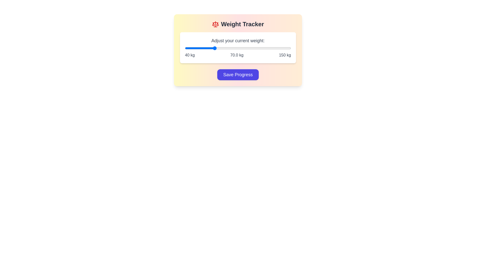  I want to click on the weight slider to 142 kg, so click(283, 48).